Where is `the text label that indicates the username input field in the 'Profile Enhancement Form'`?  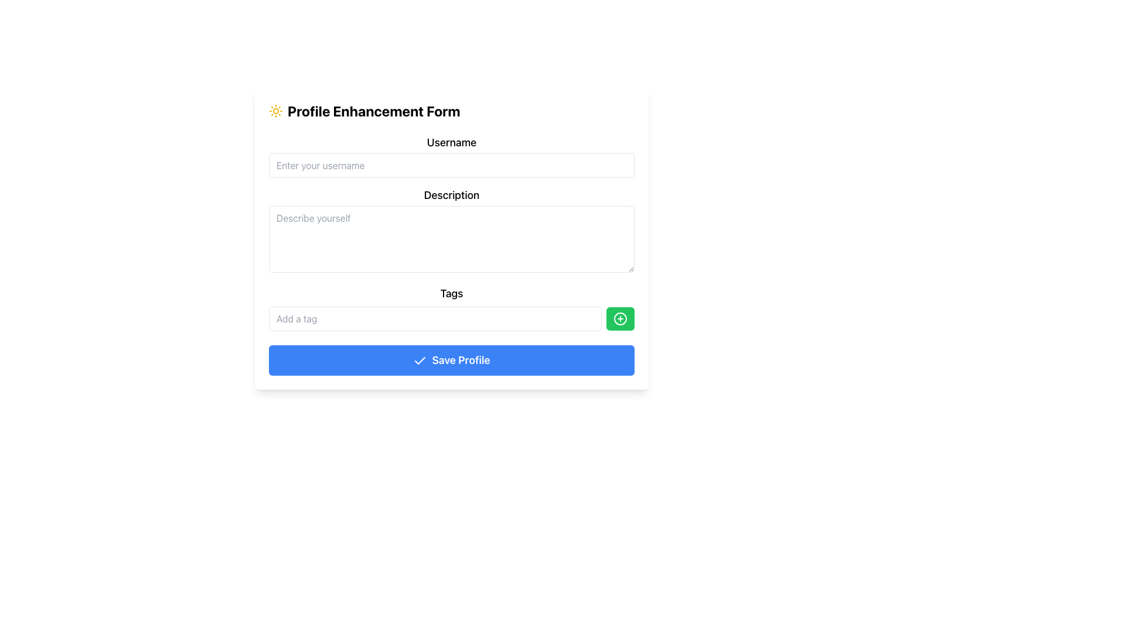
the text label that indicates the username input field in the 'Profile Enhancement Form' is located at coordinates (451, 142).